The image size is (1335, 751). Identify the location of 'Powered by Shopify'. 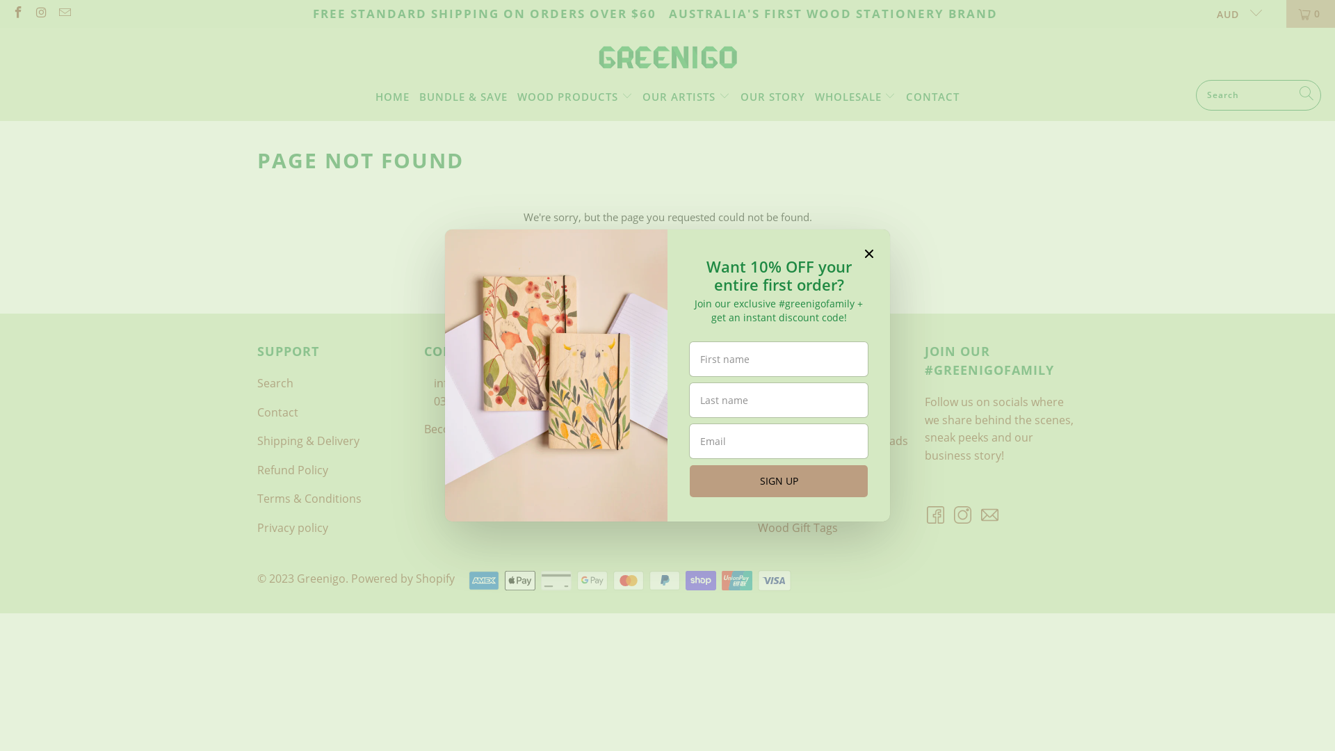
(402, 579).